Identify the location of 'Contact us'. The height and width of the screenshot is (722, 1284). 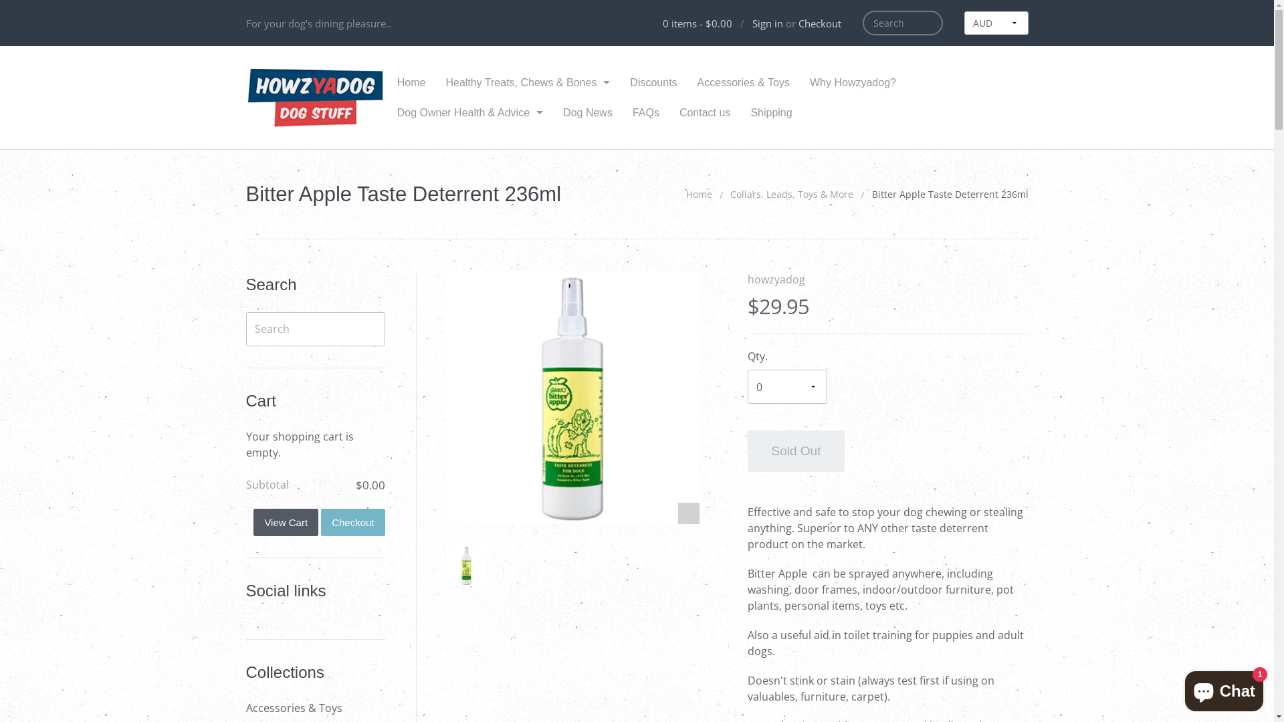
(669, 112).